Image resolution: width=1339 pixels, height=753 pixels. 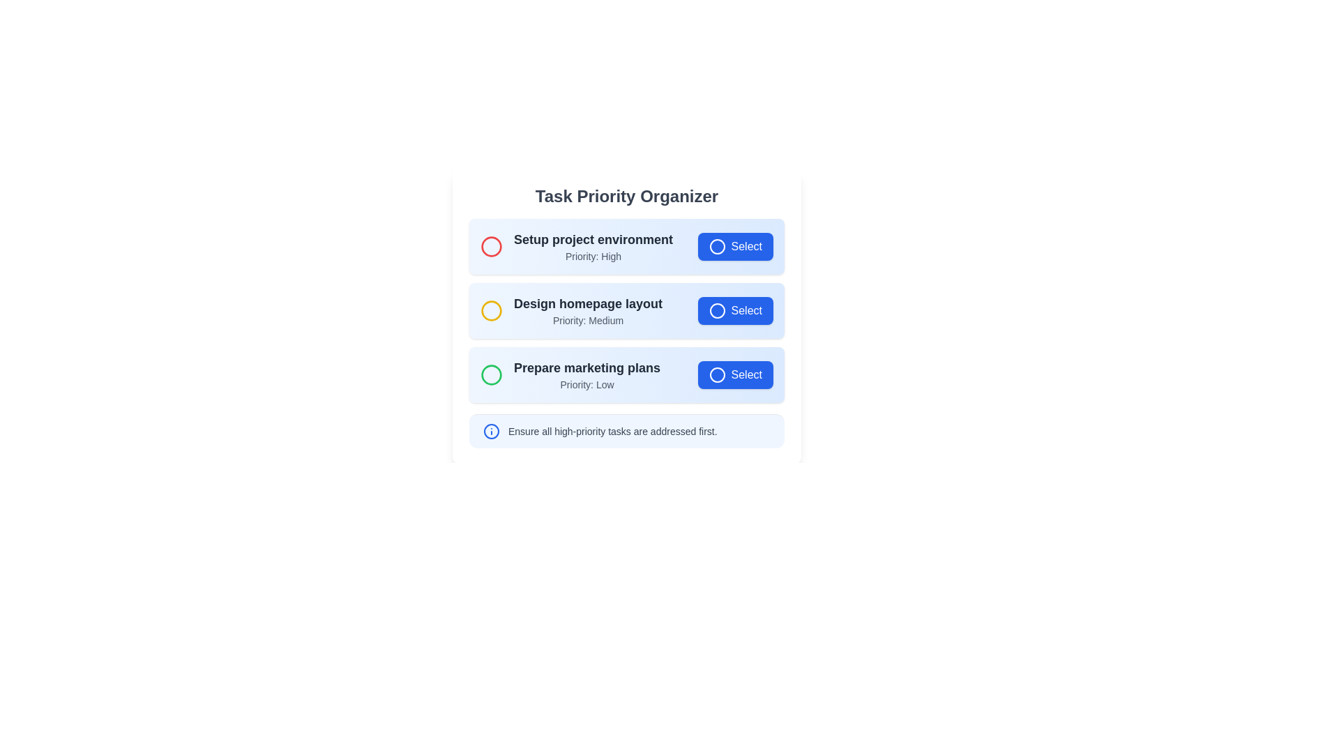 What do you see at coordinates (492, 310) in the screenshot?
I see `the circular icon with a yellow outline located to the left of the text 'Design homepage layout Priority: Medium' in the second row of the task items display` at bounding box center [492, 310].